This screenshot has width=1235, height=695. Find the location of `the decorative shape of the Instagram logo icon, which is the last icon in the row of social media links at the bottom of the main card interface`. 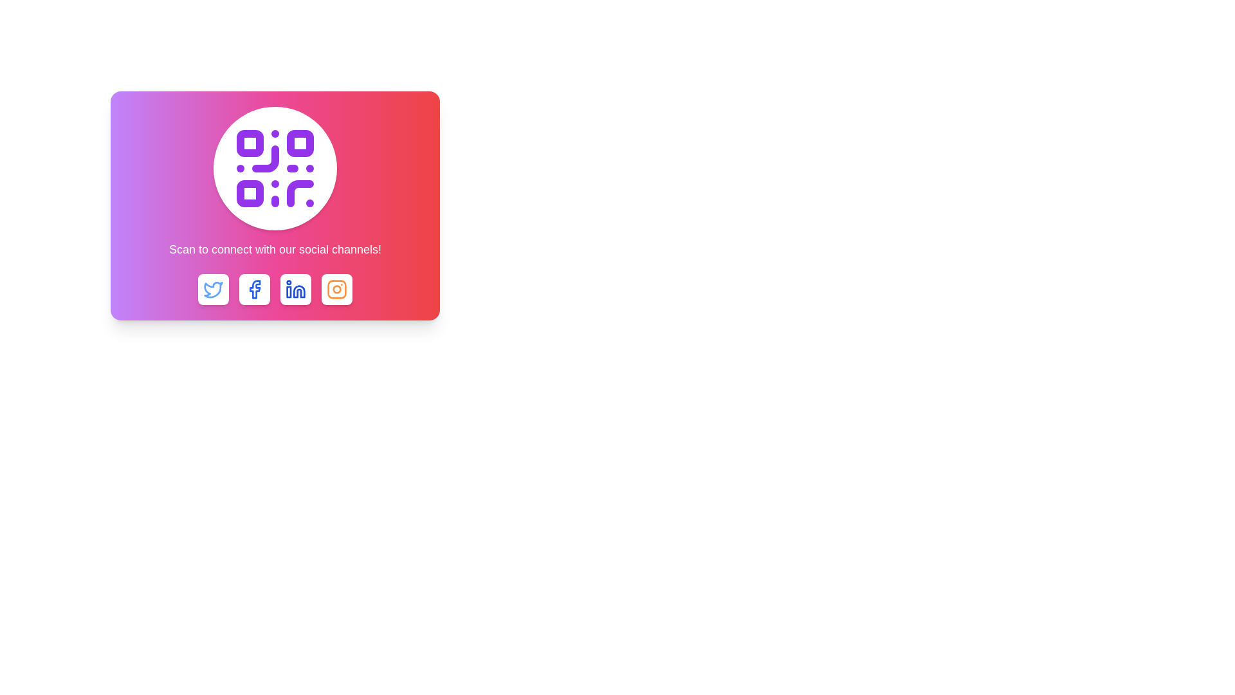

the decorative shape of the Instagram logo icon, which is the last icon in the row of social media links at the bottom of the main card interface is located at coordinates (336, 290).